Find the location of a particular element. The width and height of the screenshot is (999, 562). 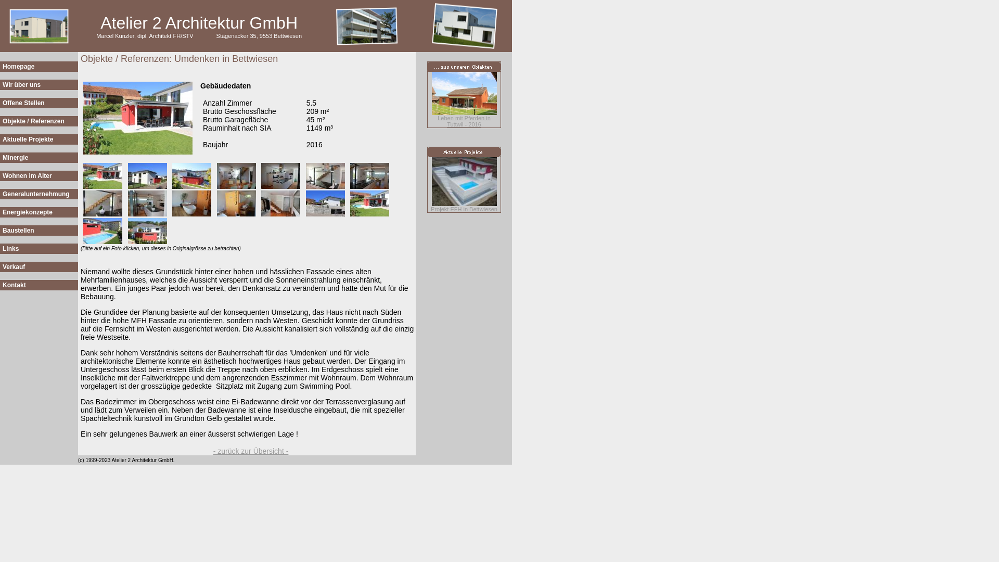

'Projekt EFH in Bettwiesen' is located at coordinates (464, 209).